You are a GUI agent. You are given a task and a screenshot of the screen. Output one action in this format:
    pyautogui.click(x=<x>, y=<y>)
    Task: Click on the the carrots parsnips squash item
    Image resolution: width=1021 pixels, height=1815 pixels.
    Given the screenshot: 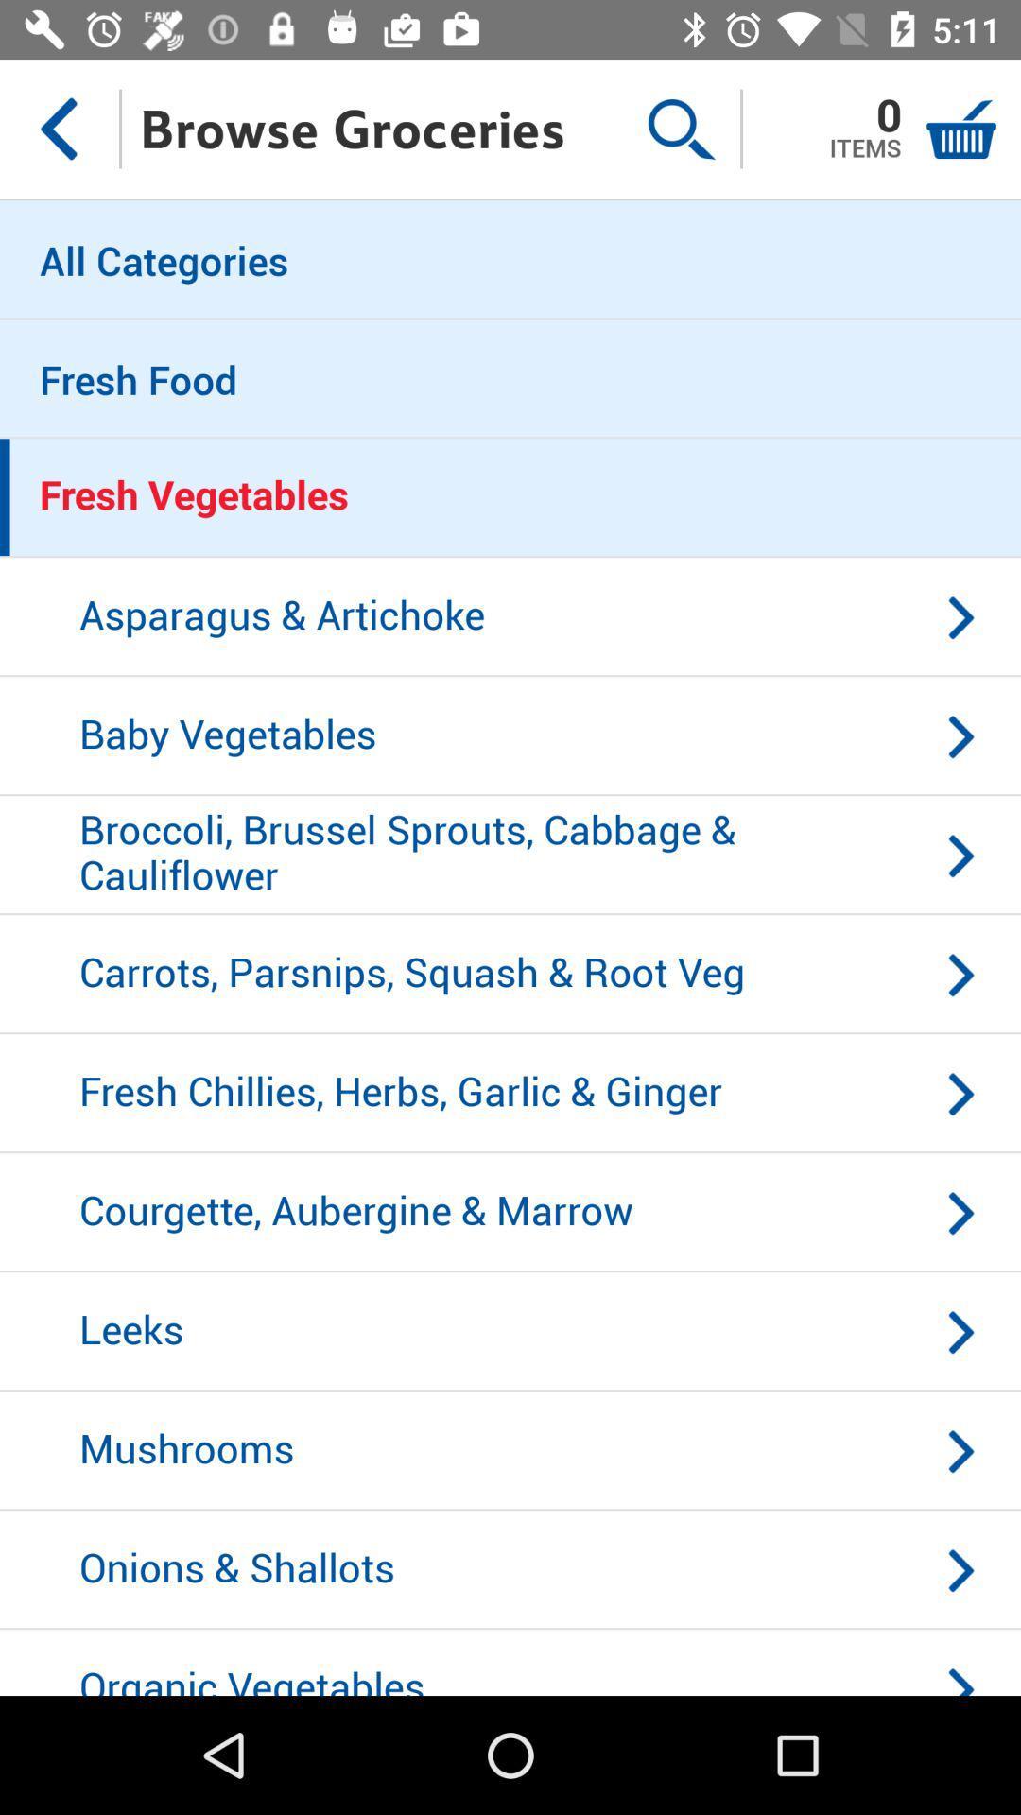 What is the action you would take?
    pyautogui.click(x=510, y=975)
    